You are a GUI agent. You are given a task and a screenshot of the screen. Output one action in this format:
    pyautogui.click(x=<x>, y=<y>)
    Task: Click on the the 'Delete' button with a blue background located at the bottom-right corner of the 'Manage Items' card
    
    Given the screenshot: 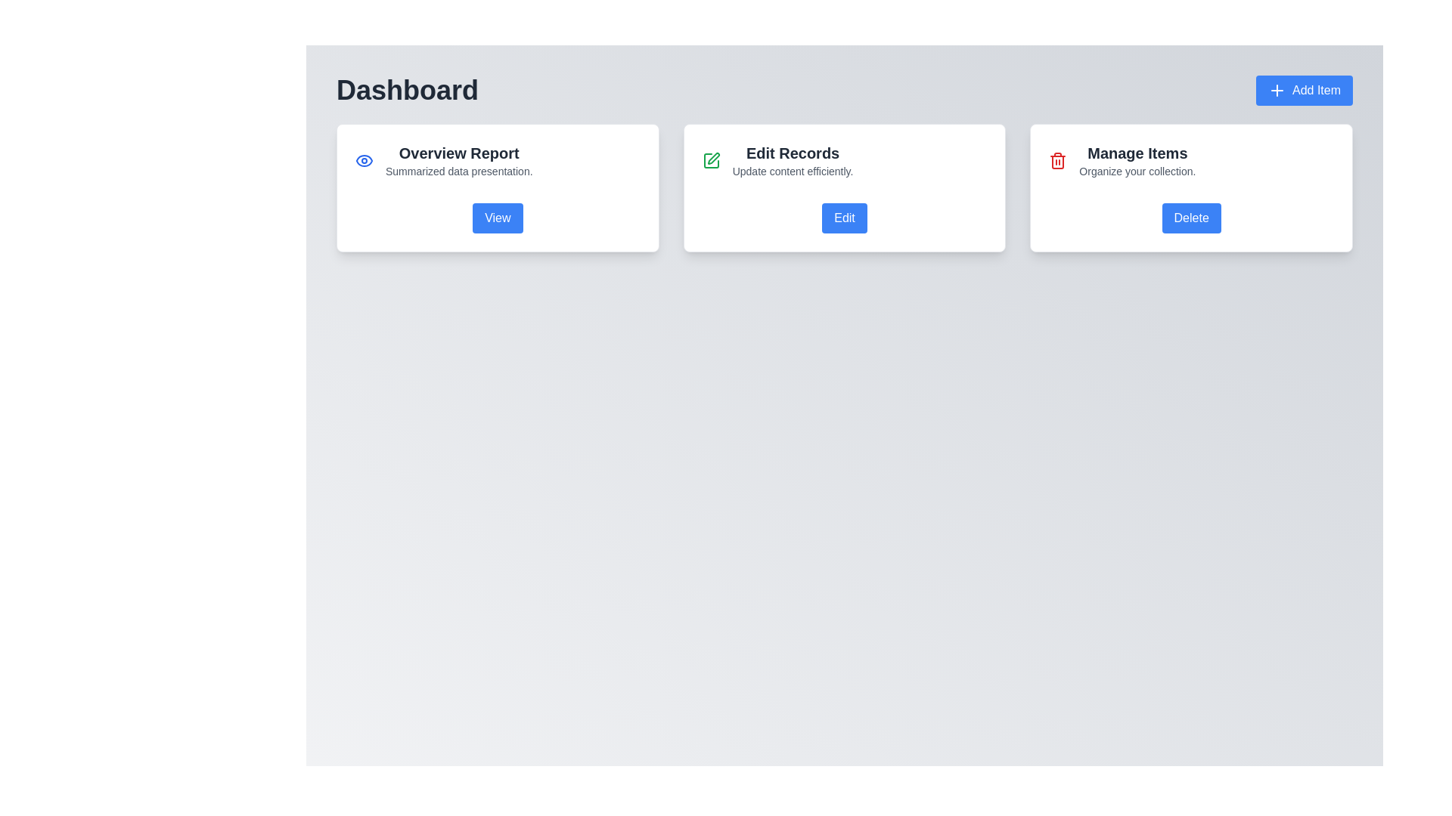 What is the action you would take?
    pyautogui.click(x=1190, y=218)
    